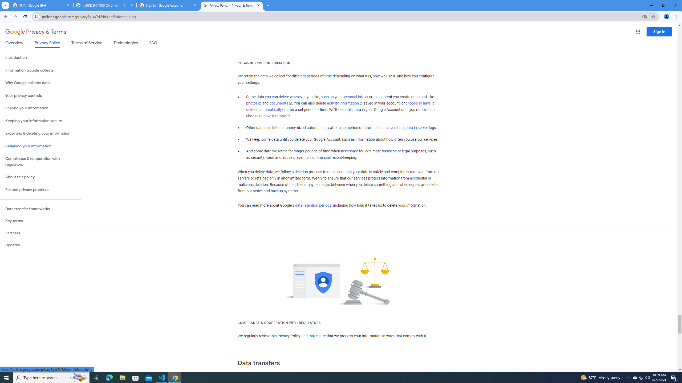 This screenshot has width=682, height=383. What do you see at coordinates (36, 32) in the screenshot?
I see `'Privacy & Terms'` at bounding box center [36, 32].